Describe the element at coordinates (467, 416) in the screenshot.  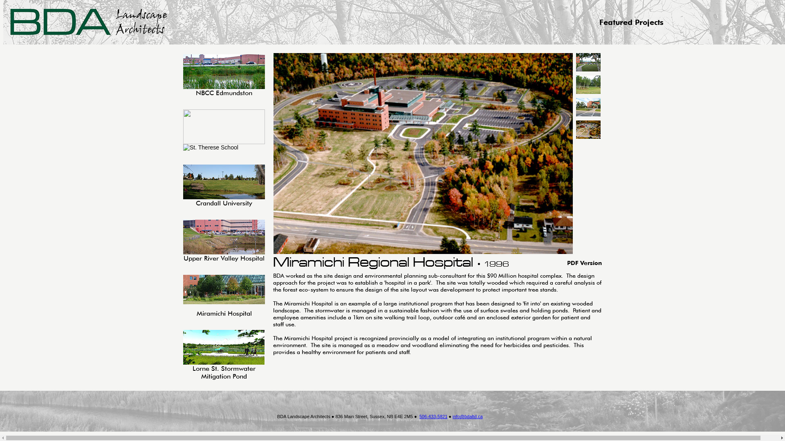
I see `'info@bdaltd.ca'` at that location.